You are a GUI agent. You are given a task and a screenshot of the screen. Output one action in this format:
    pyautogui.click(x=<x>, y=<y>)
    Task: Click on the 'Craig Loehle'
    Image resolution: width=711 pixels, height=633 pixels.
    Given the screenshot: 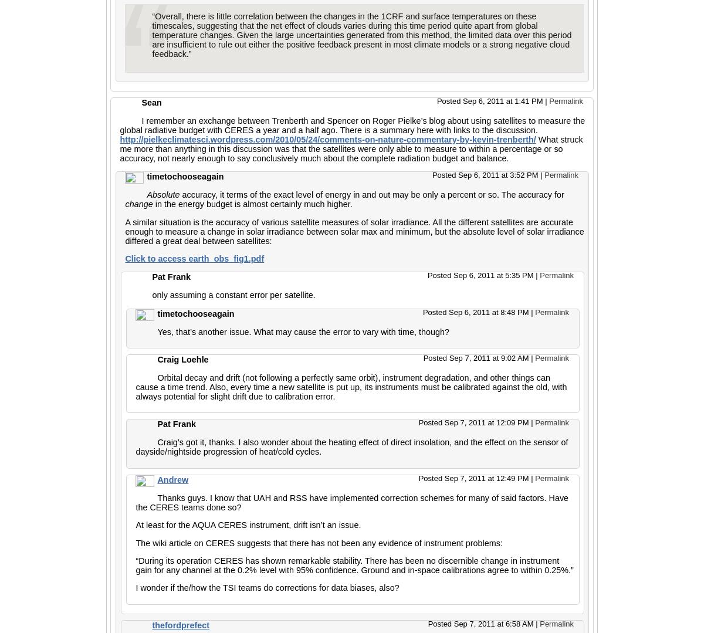 What is the action you would take?
    pyautogui.click(x=182, y=359)
    